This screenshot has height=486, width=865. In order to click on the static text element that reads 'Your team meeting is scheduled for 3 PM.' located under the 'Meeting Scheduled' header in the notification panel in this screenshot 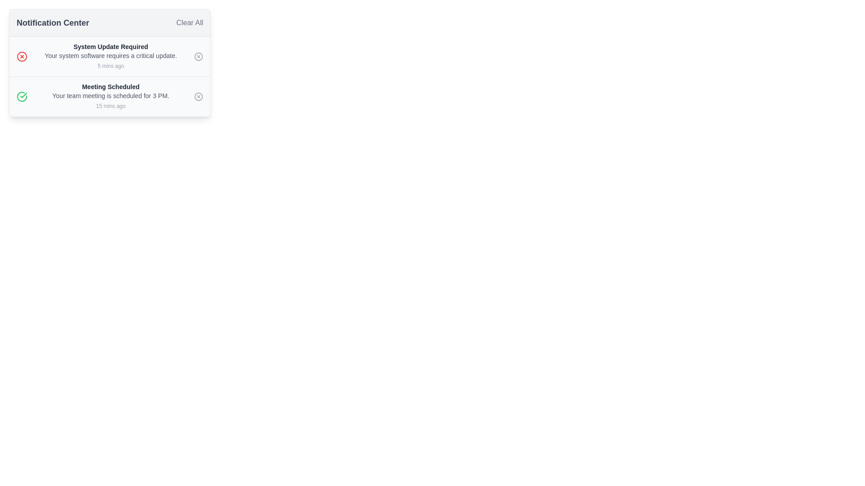, I will do `click(110, 95)`.